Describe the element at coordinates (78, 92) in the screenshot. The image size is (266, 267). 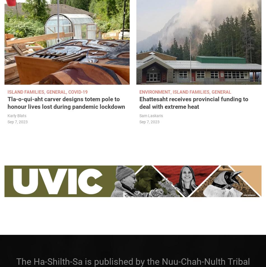
I see `'COVID-19'` at that location.